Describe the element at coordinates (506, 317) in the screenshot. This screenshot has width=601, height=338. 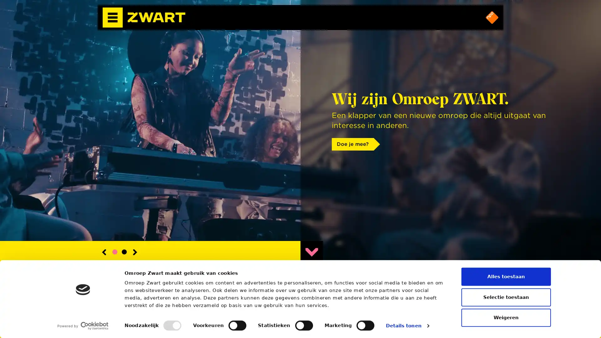
I see `Weigeren` at that location.